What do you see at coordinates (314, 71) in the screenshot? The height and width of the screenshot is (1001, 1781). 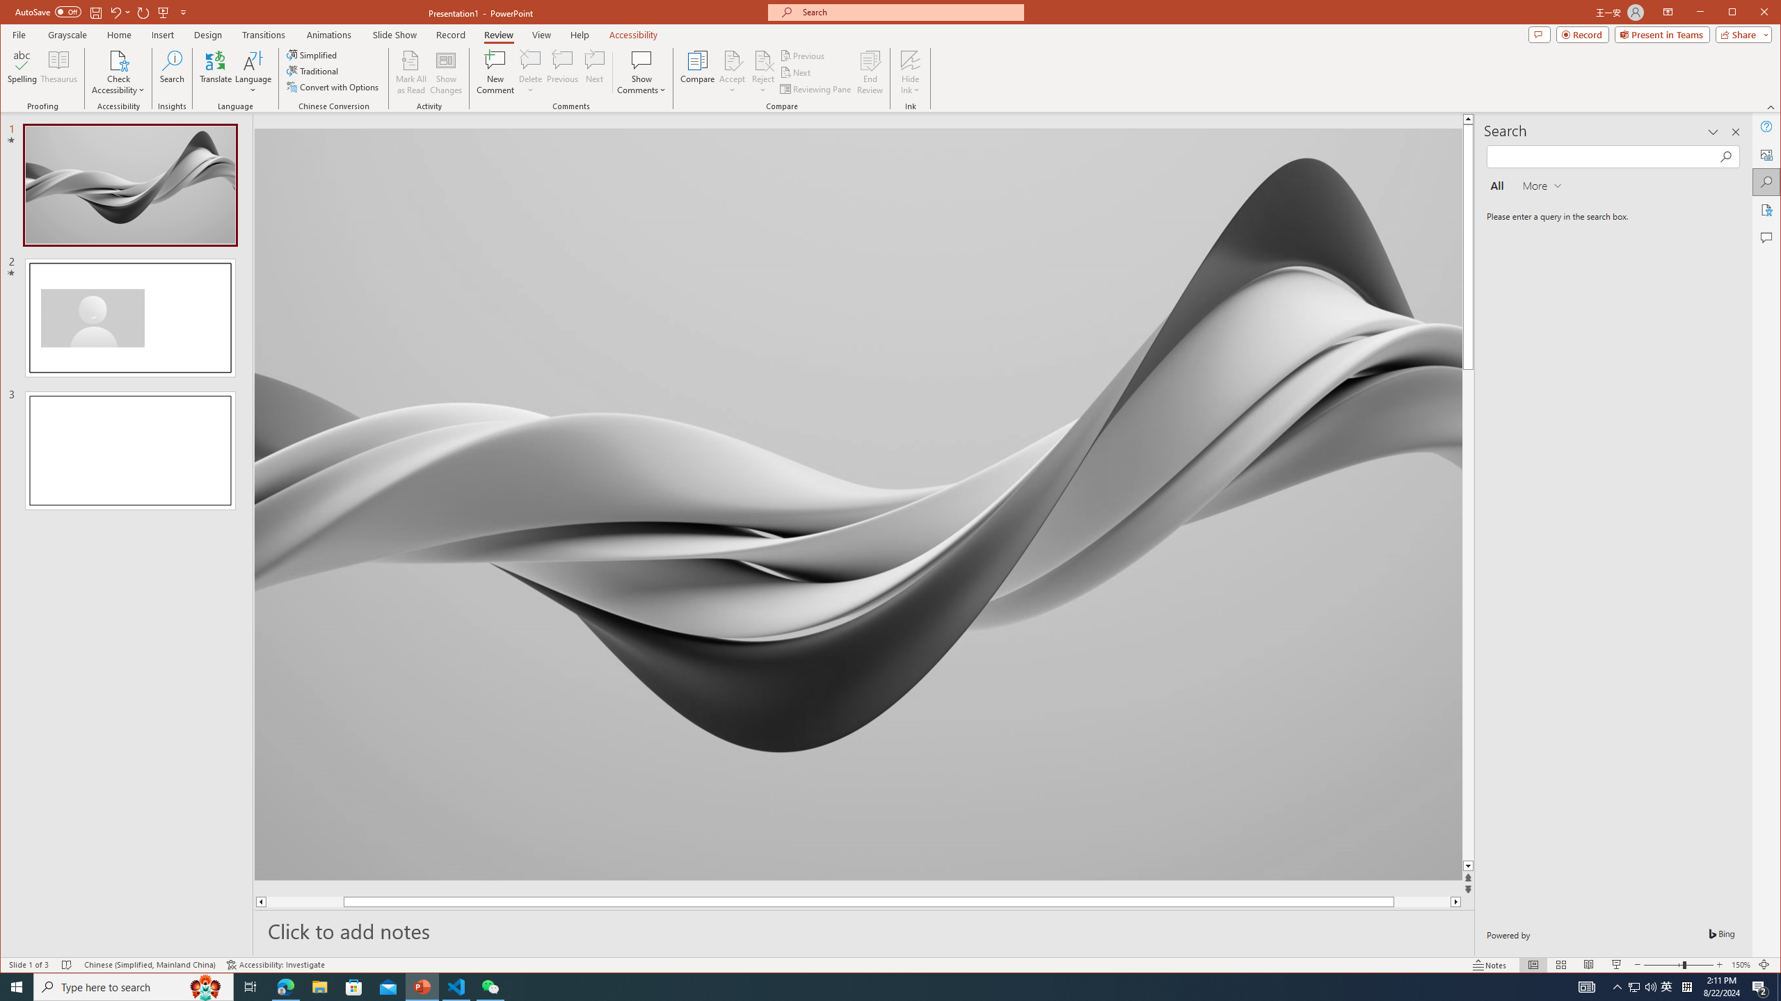 I see `'Traditional'` at bounding box center [314, 71].